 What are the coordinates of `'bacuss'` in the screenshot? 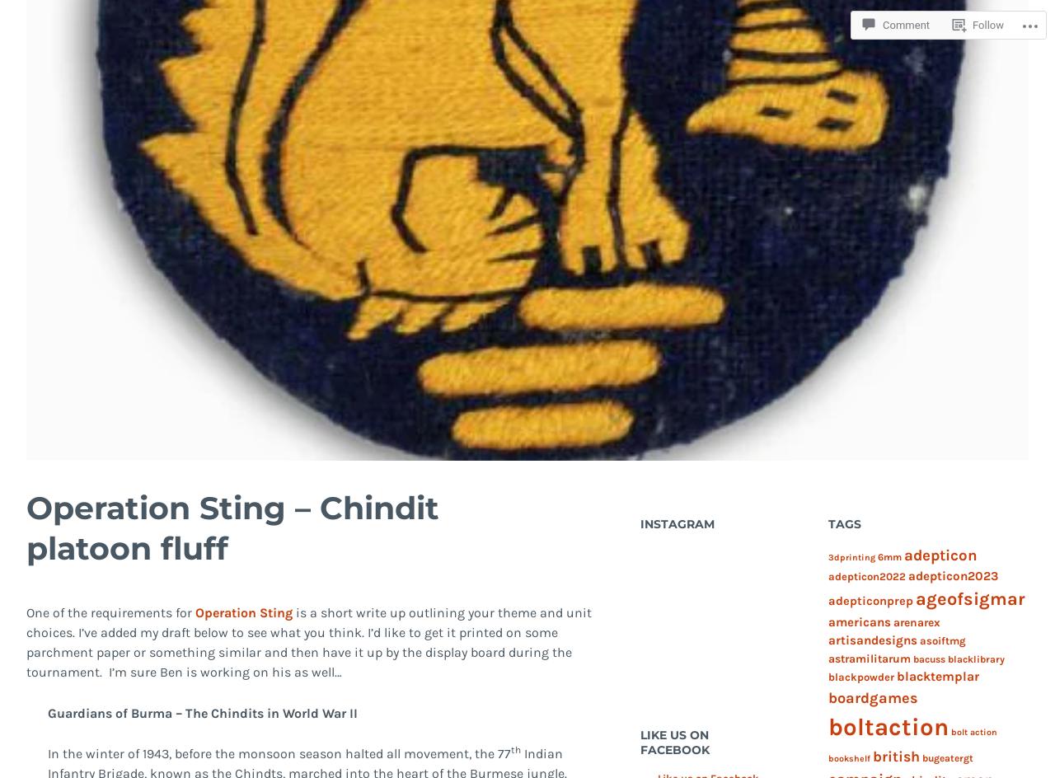 It's located at (928, 658).